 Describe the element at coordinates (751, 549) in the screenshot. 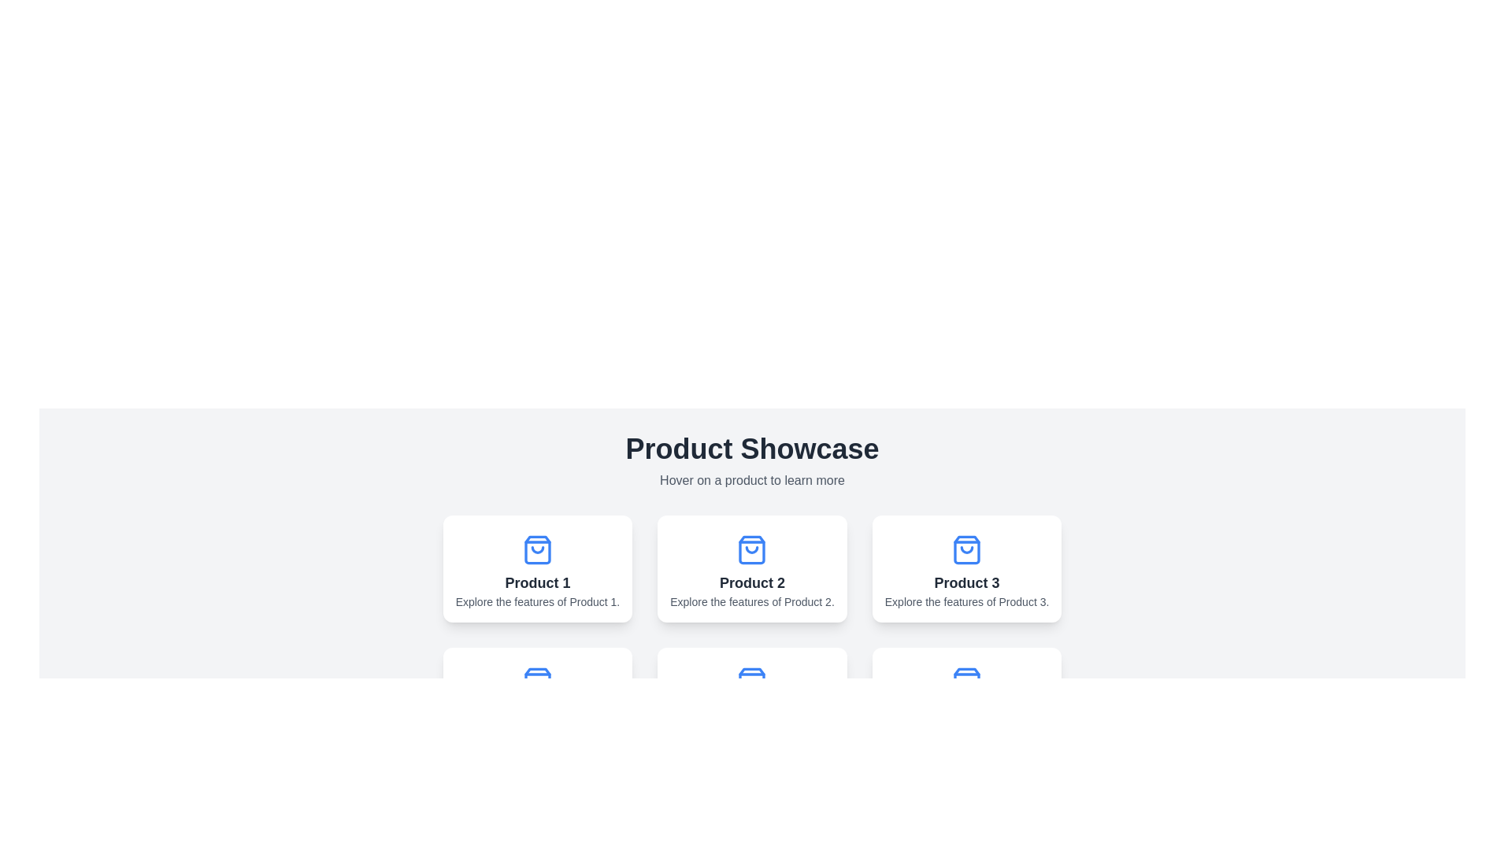

I see `the shopping icon located at the top of the 'Product 2' card, centered horizontally and positioned just below the upper margin` at that location.